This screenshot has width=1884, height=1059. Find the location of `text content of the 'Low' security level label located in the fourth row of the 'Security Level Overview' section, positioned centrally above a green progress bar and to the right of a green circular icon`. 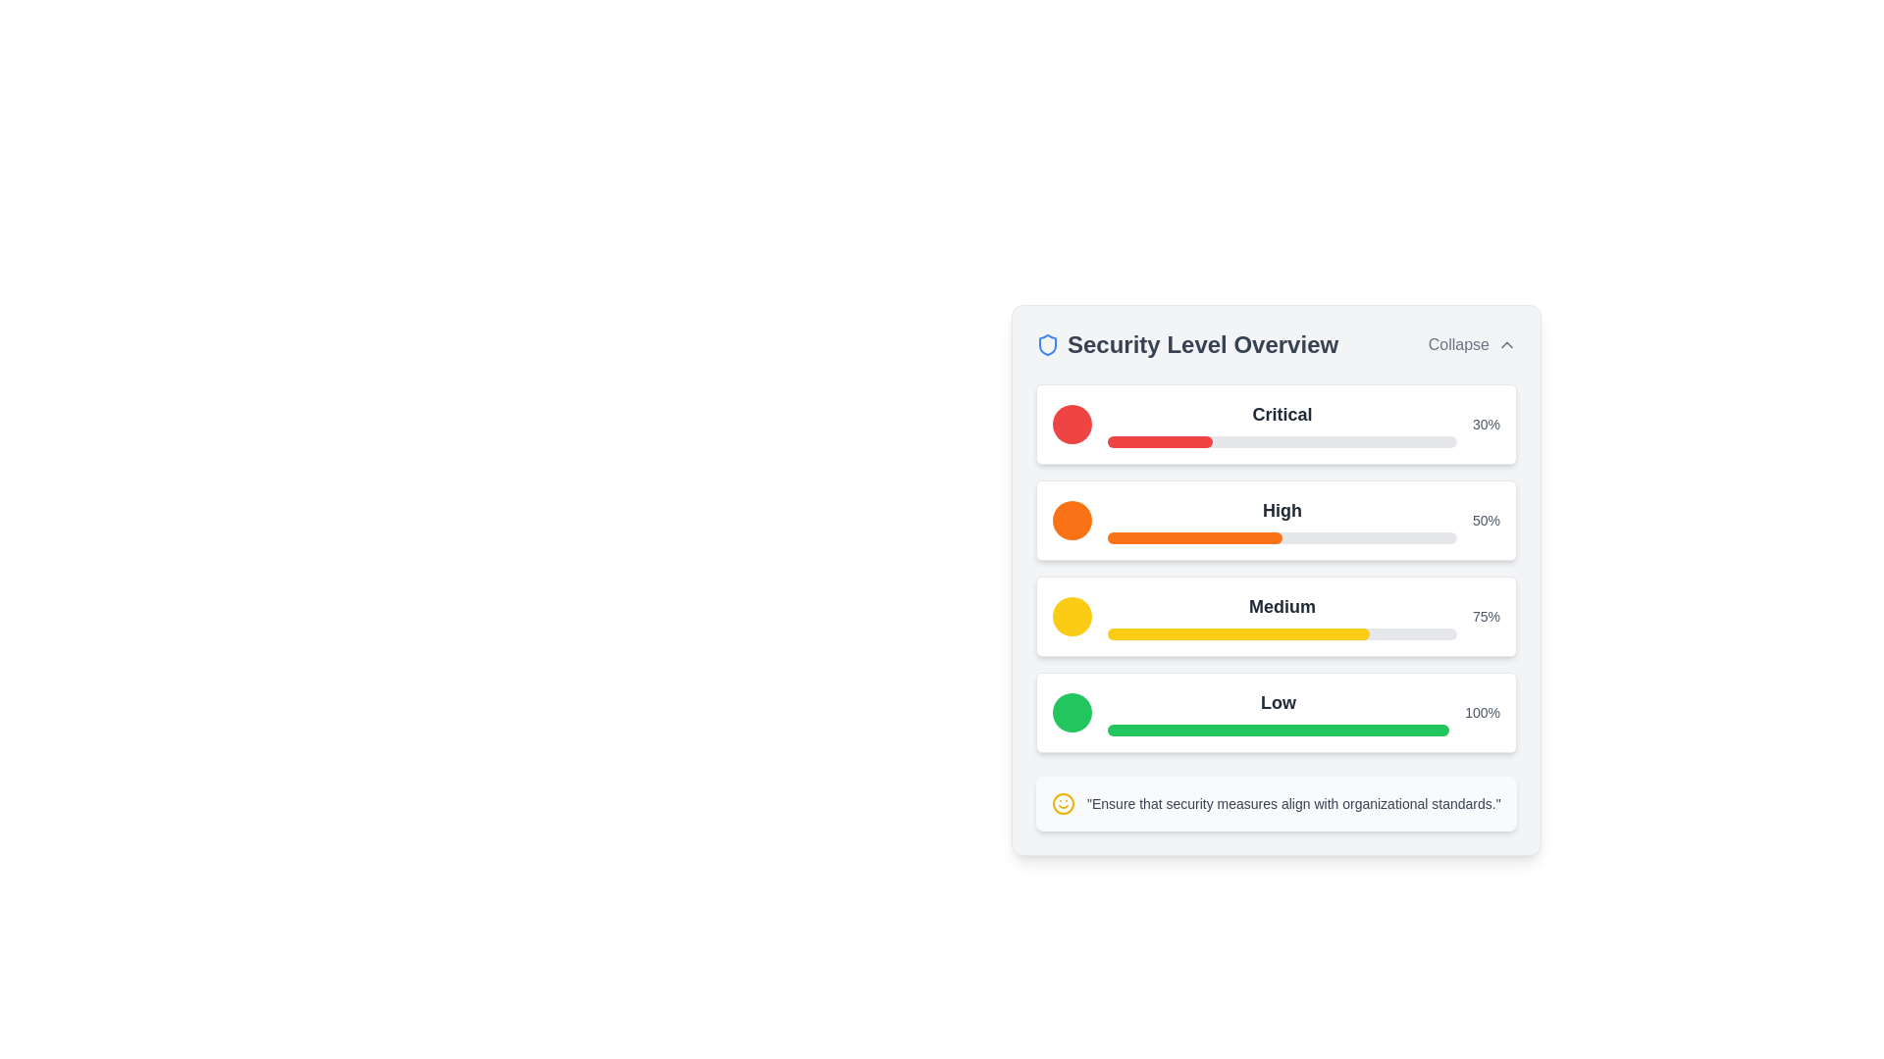

text content of the 'Low' security level label located in the fourth row of the 'Security Level Overview' section, positioned centrally above a green progress bar and to the right of a green circular icon is located at coordinates (1279, 712).